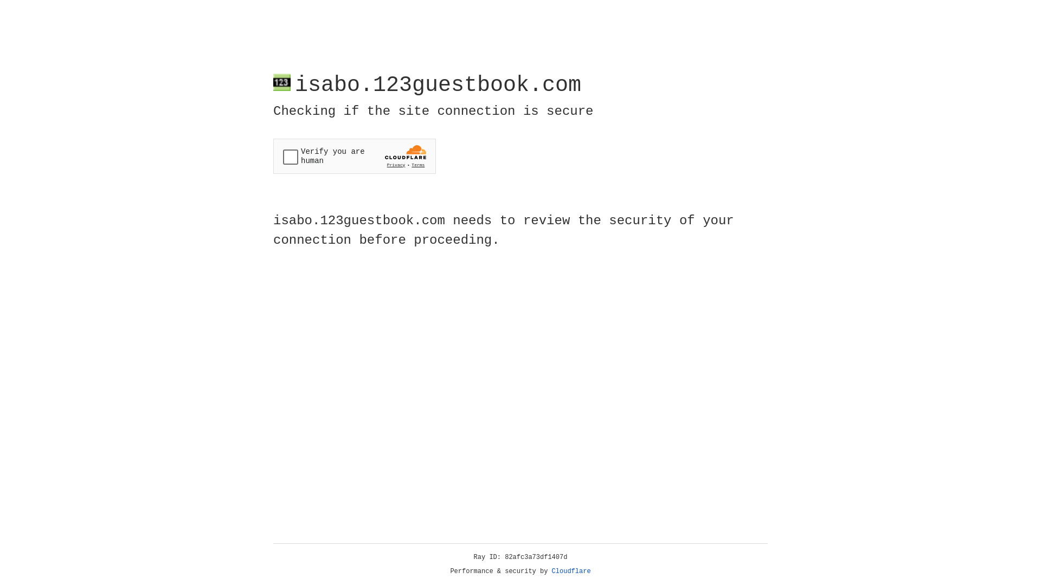 The width and height of the screenshot is (1041, 585). Describe the element at coordinates (551, 571) in the screenshot. I see `'Cloudflare'` at that location.